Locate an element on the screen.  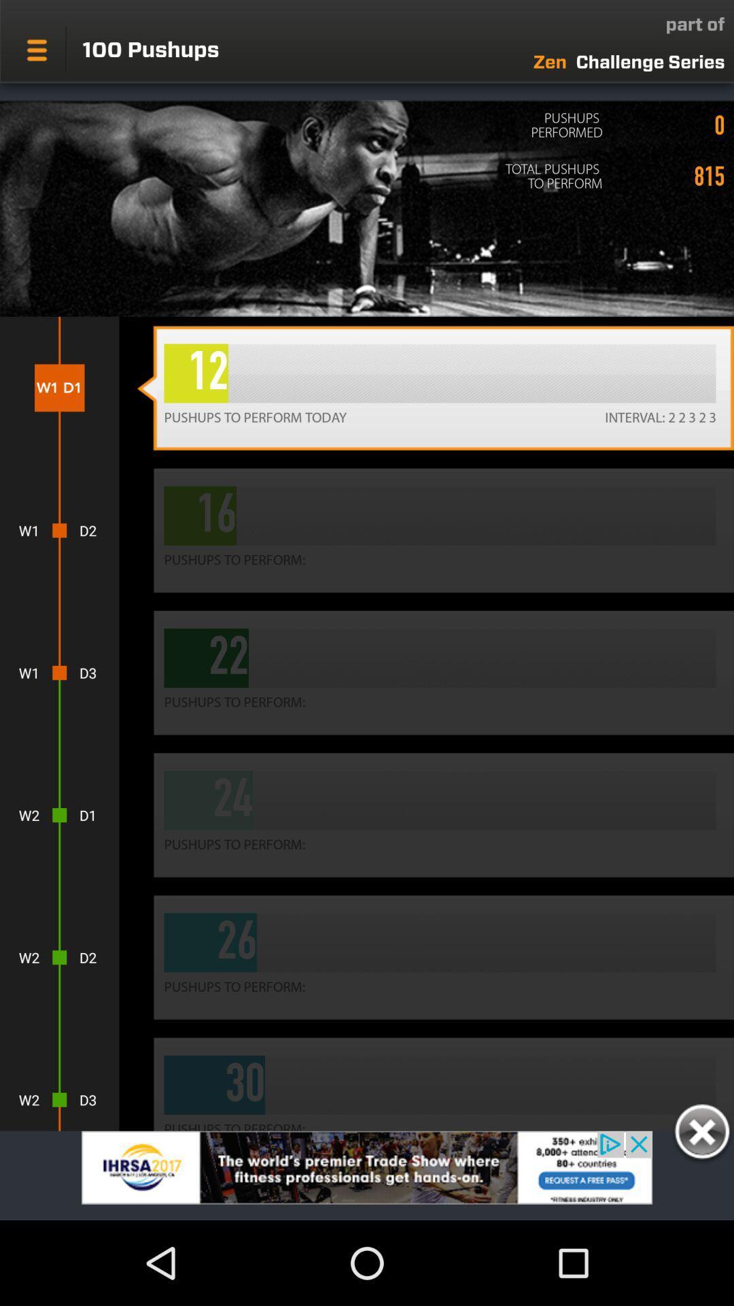
work level is located at coordinates (701, 1134).